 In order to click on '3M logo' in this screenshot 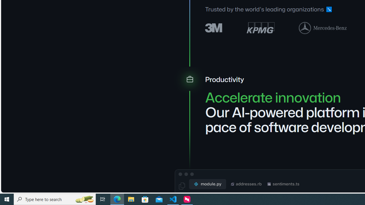, I will do `click(214, 28)`.